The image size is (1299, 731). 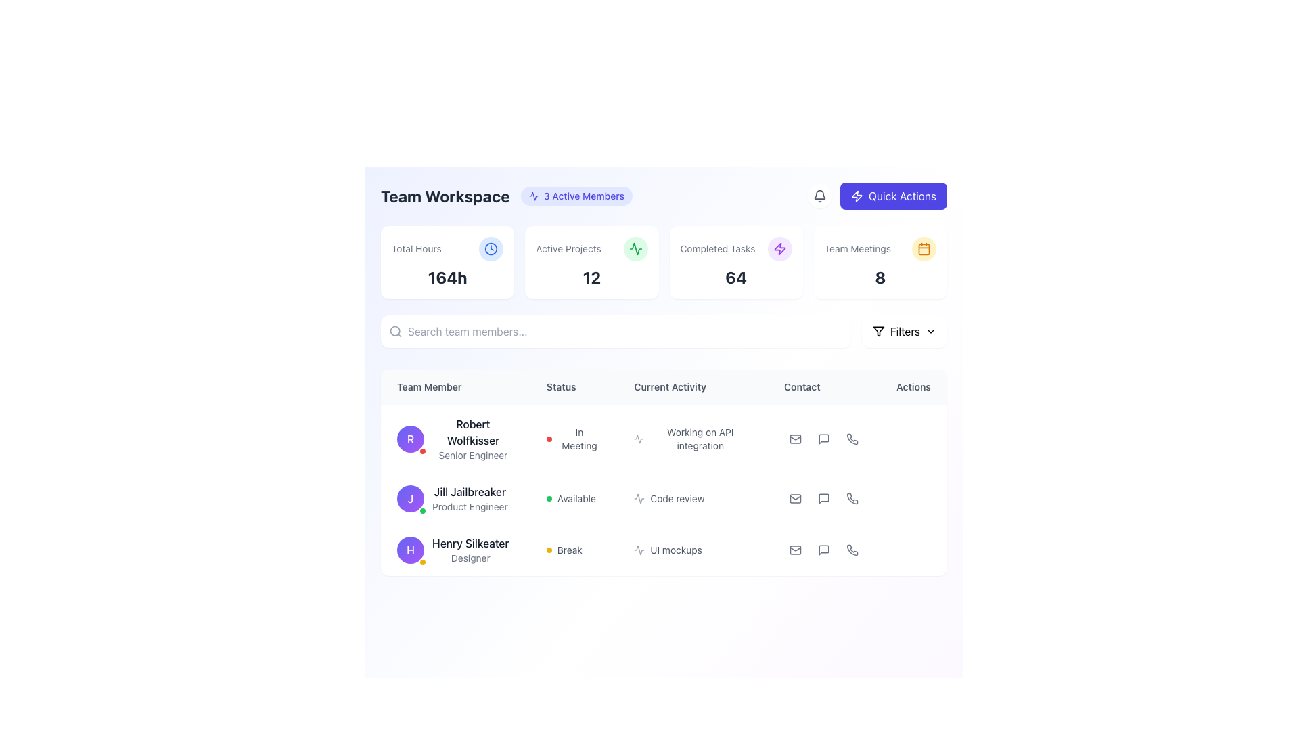 What do you see at coordinates (823, 439) in the screenshot?
I see `the messaging icon button located in the 'Contact' column of the table row for 'Robert Wolfkisser, Senior Engineer'` at bounding box center [823, 439].